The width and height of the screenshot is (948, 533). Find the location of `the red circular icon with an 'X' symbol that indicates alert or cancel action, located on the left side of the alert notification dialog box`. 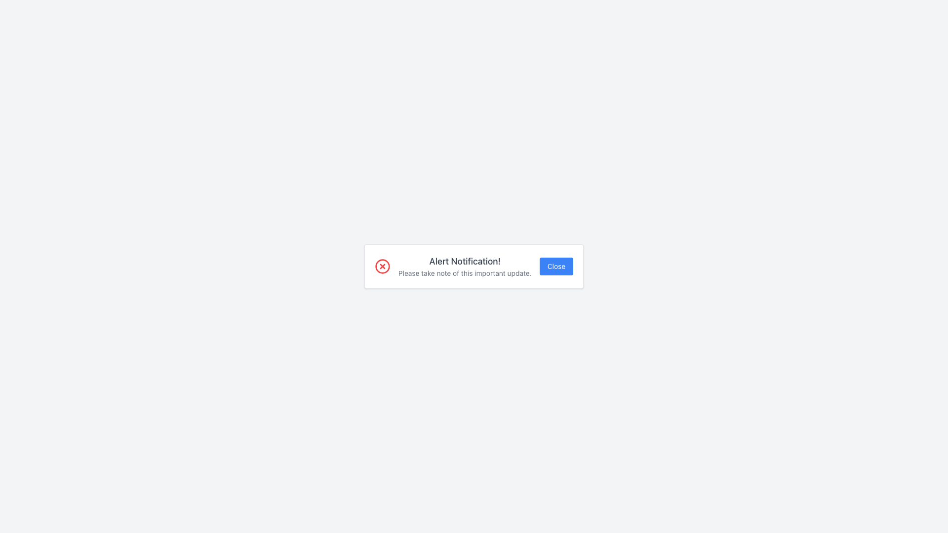

the red circular icon with an 'X' symbol that indicates alert or cancel action, located on the left side of the alert notification dialog box is located at coordinates (382, 266).